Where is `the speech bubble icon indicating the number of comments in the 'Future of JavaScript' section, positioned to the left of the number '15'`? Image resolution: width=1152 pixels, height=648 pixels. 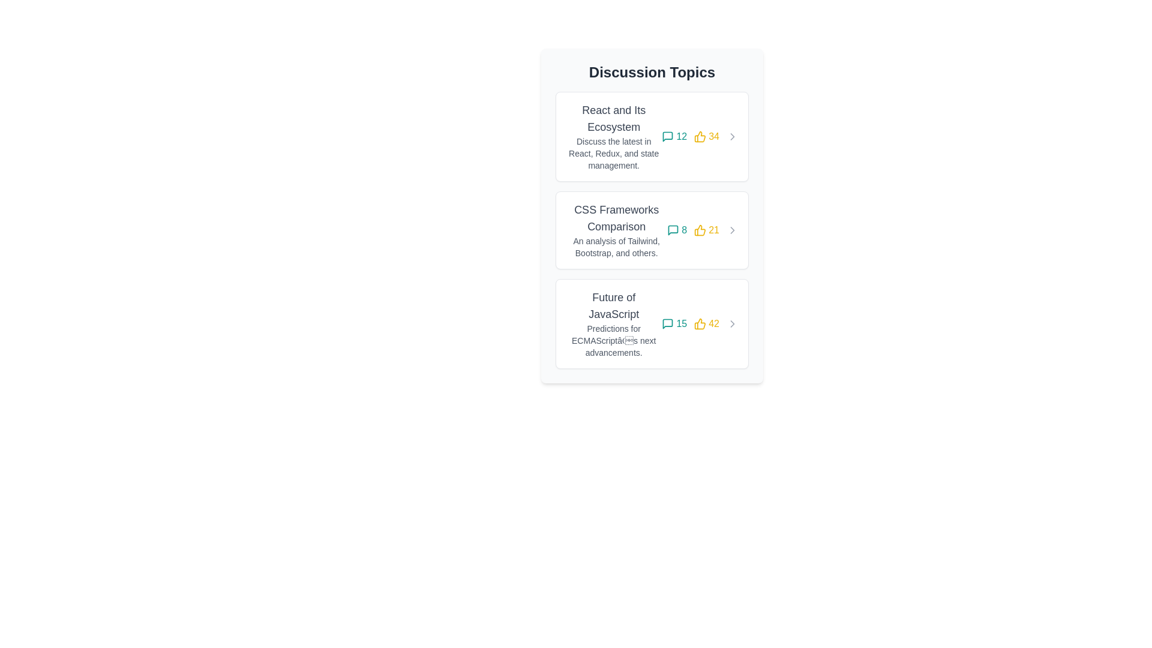
the speech bubble icon indicating the number of comments in the 'Future of JavaScript' section, positioned to the left of the number '15' is located at coordinates (667, 324).